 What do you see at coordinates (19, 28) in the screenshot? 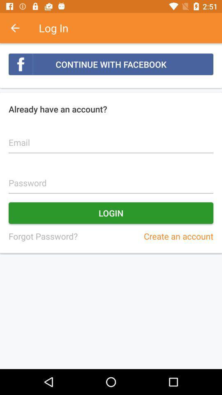
I see `the icon to the left of the log in item` at bounding box center [19, 28].